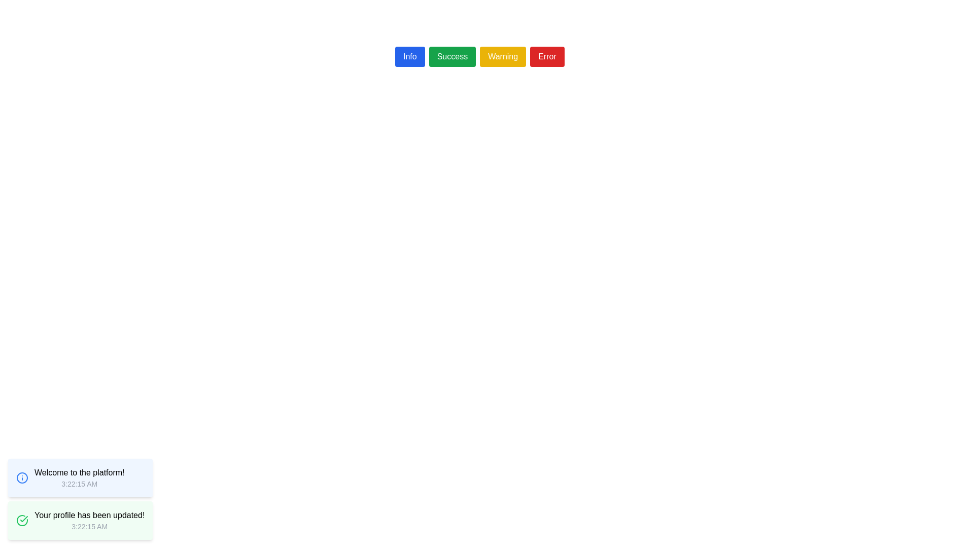 Image resolution: width=974 pixels, height=548 pixels. Describe the element at coordinates (79, 477) in the screenshot. I see `the text block displaying 'Welcome to the platform!' within the light blue notification box` at that location.